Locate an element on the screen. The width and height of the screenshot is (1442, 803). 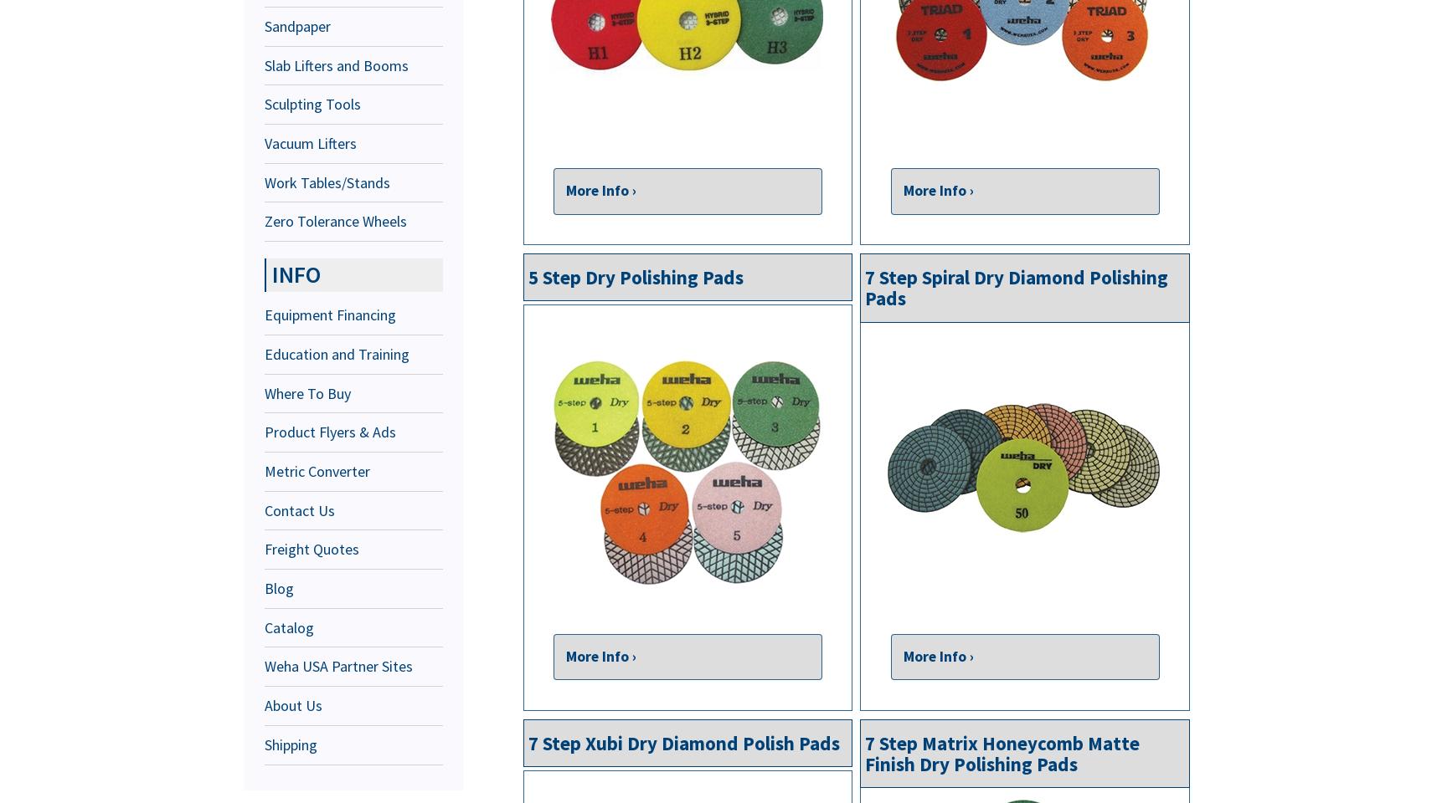
'Weha USA Partner Sites' is located at coordinates (338, 666).